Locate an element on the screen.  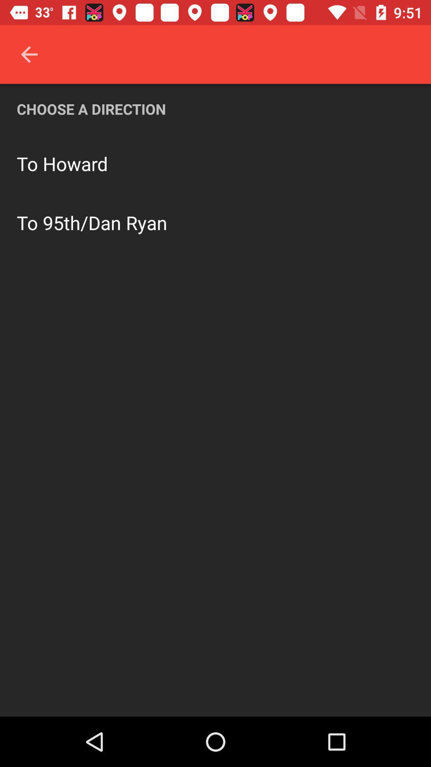
howard icon is located at coordinates (75, 163).